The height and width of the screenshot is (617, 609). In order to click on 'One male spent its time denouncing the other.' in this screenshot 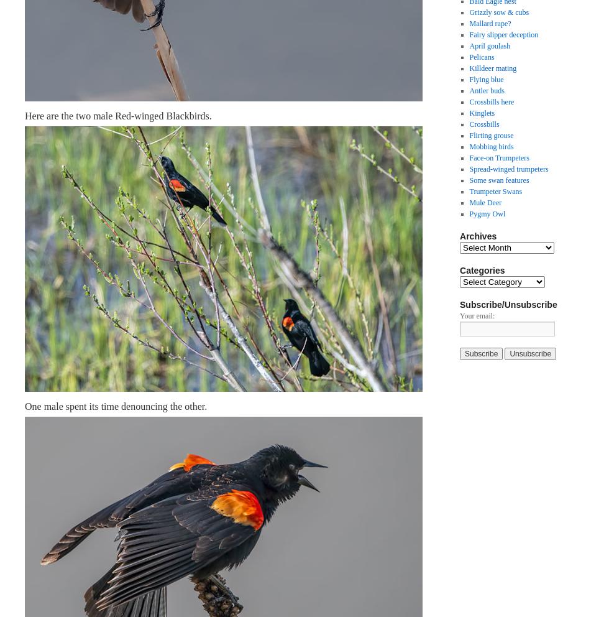, I will do `click(116, 406)`.